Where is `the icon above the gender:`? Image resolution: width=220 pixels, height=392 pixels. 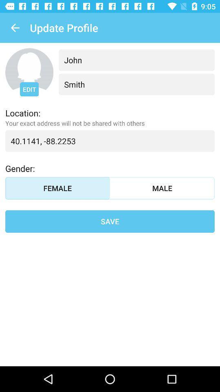
the icon above the gender: is located at coordinates (110, 141).